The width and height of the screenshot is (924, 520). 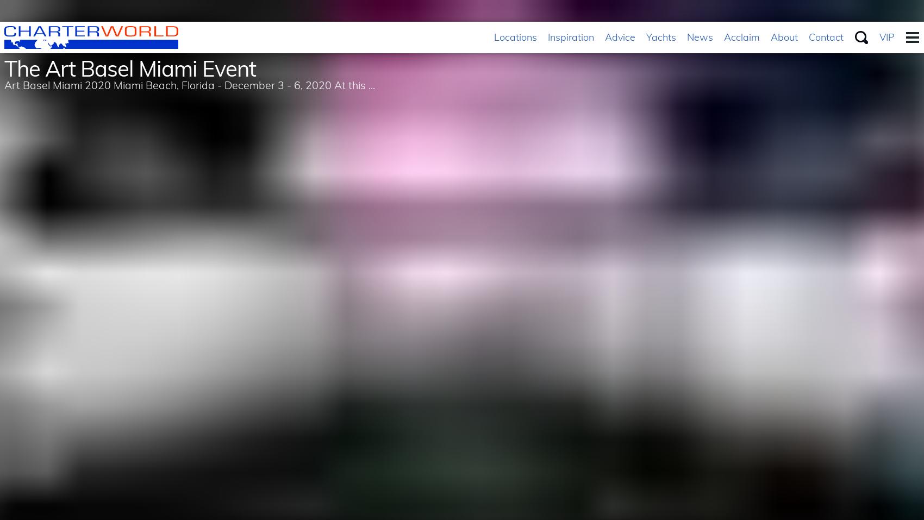 I want to click on 'About', so click(x=783, y=36).